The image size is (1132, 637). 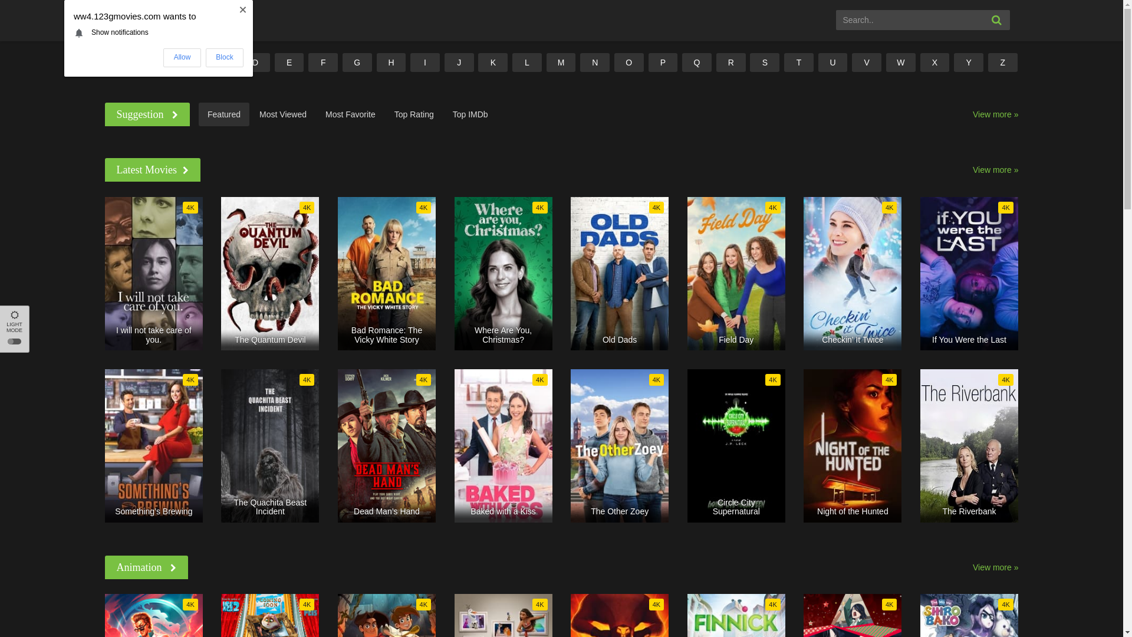 What do you see at coordinates (798, 62) in the screenshot?
I see `'T'` at bounding box center [798, 62].